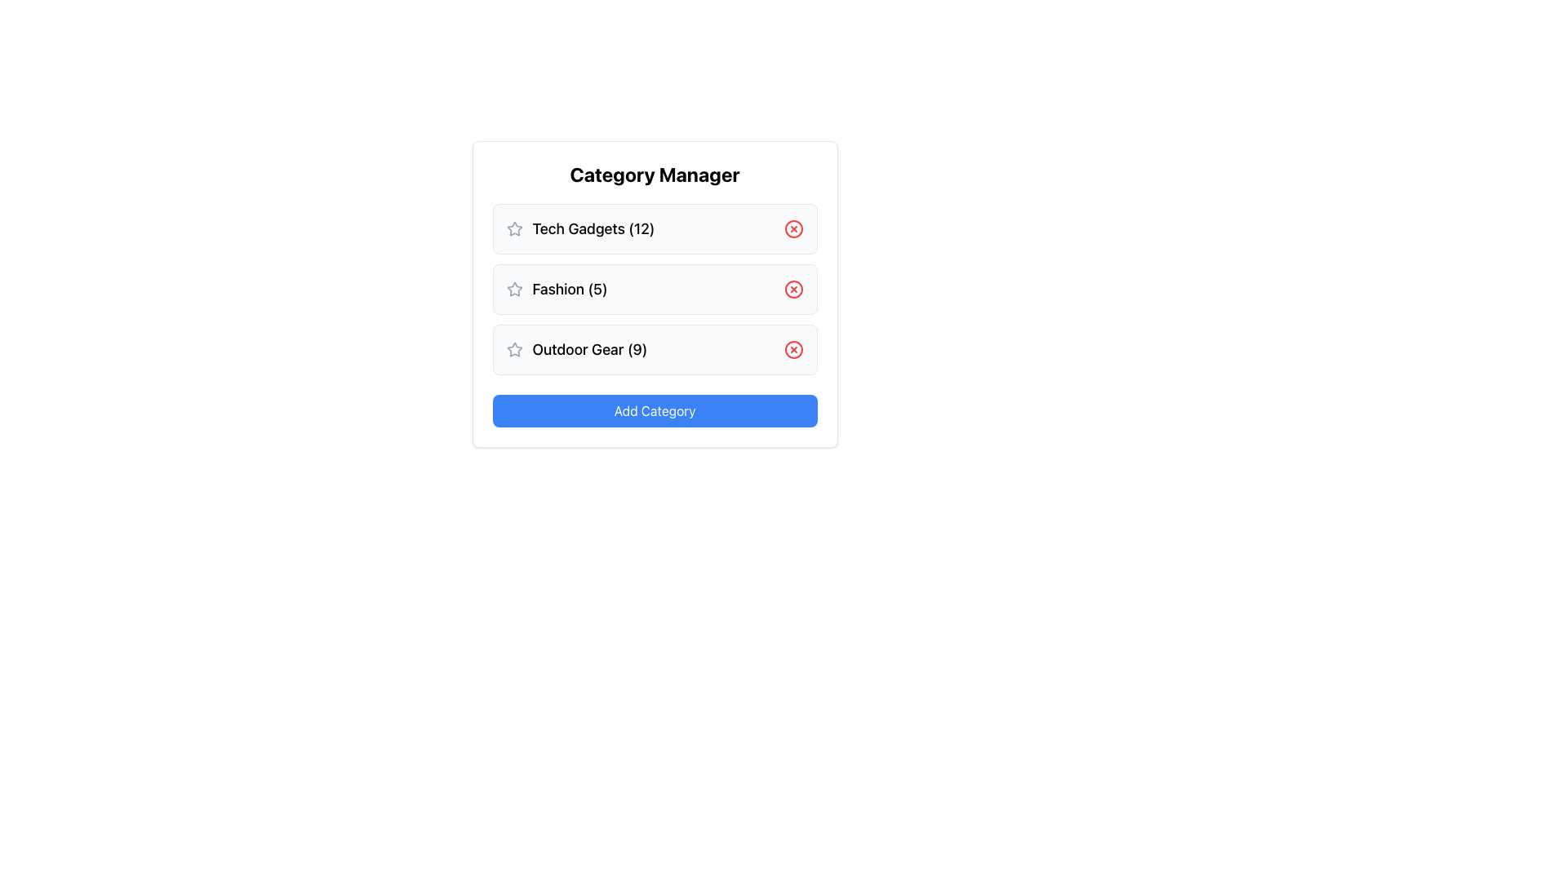 The width and height of the screenshot is (1567, 881). What do you see at coordinates (793, 348) in the screenshot?
I see `the button element represented as an icon with circular and cross elements` at bounding box center [793, 348].